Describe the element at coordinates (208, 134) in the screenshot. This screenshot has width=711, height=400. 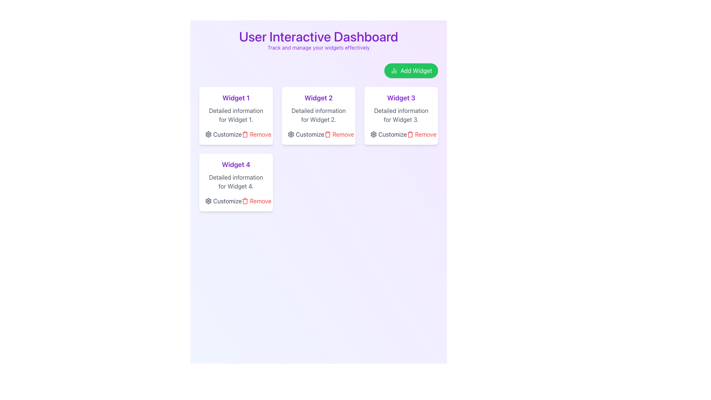
I see `the cogwheel icon button located in the top left portion of the dashboard interface within the 'Widget 1' card, adjacent to the 'Customize' text, to trigger a tooltip or highlight effect` at that location.